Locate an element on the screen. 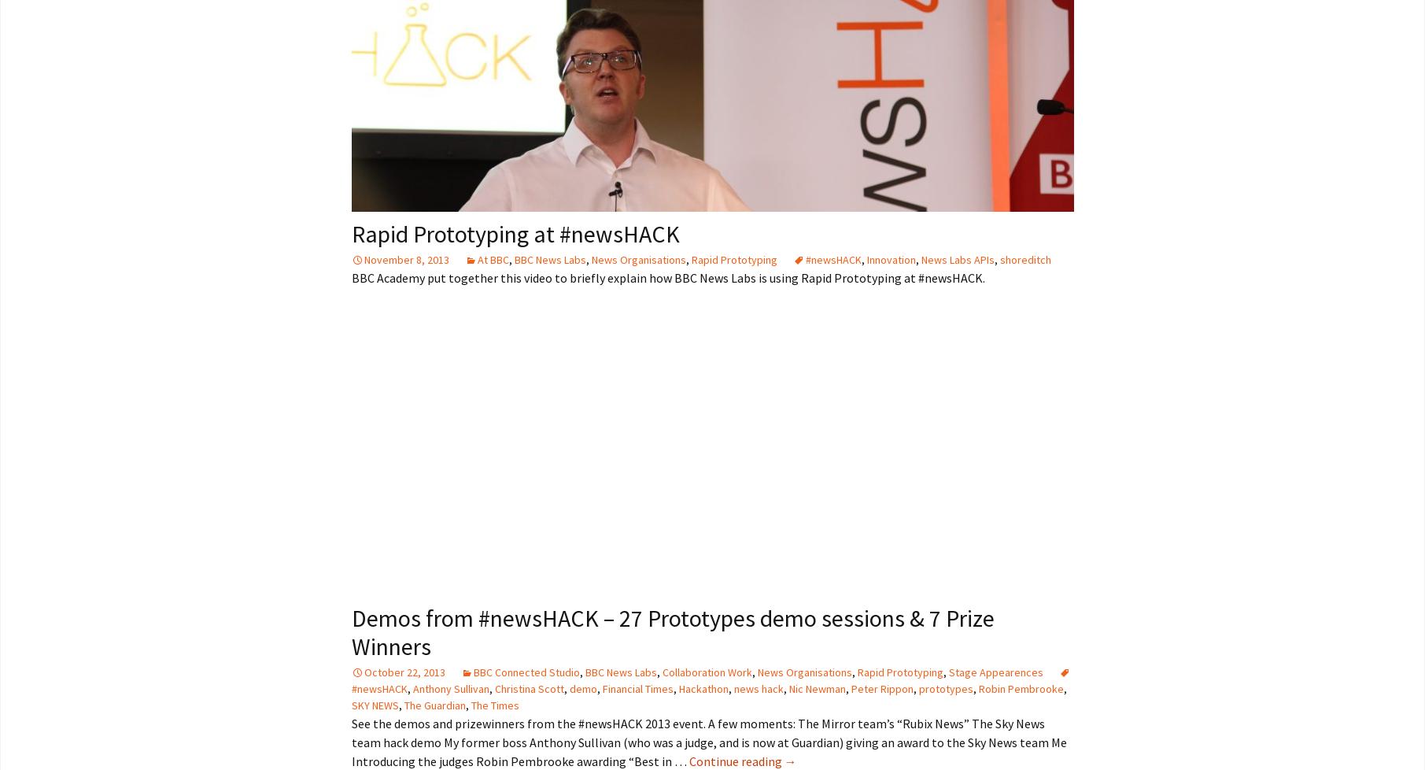 This screenshot has width=1425, height=770. 'Continue reading' is located at coordinates (735, 759).